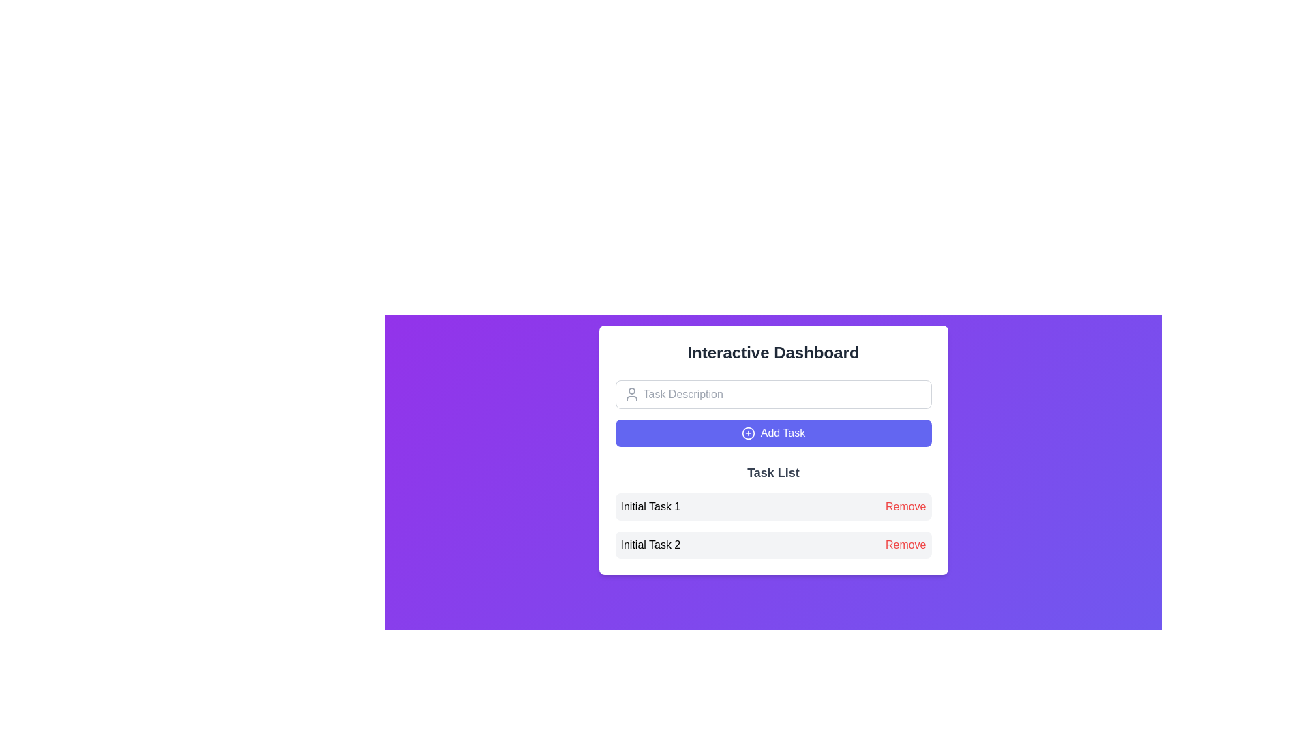 The height and width of the screenshot is (736, 1309). I want to click on the decorative icon indicating the action of adding an item or task, which is located to the left of the 'Add Task' button, to interact with the button, so click(747, 433).